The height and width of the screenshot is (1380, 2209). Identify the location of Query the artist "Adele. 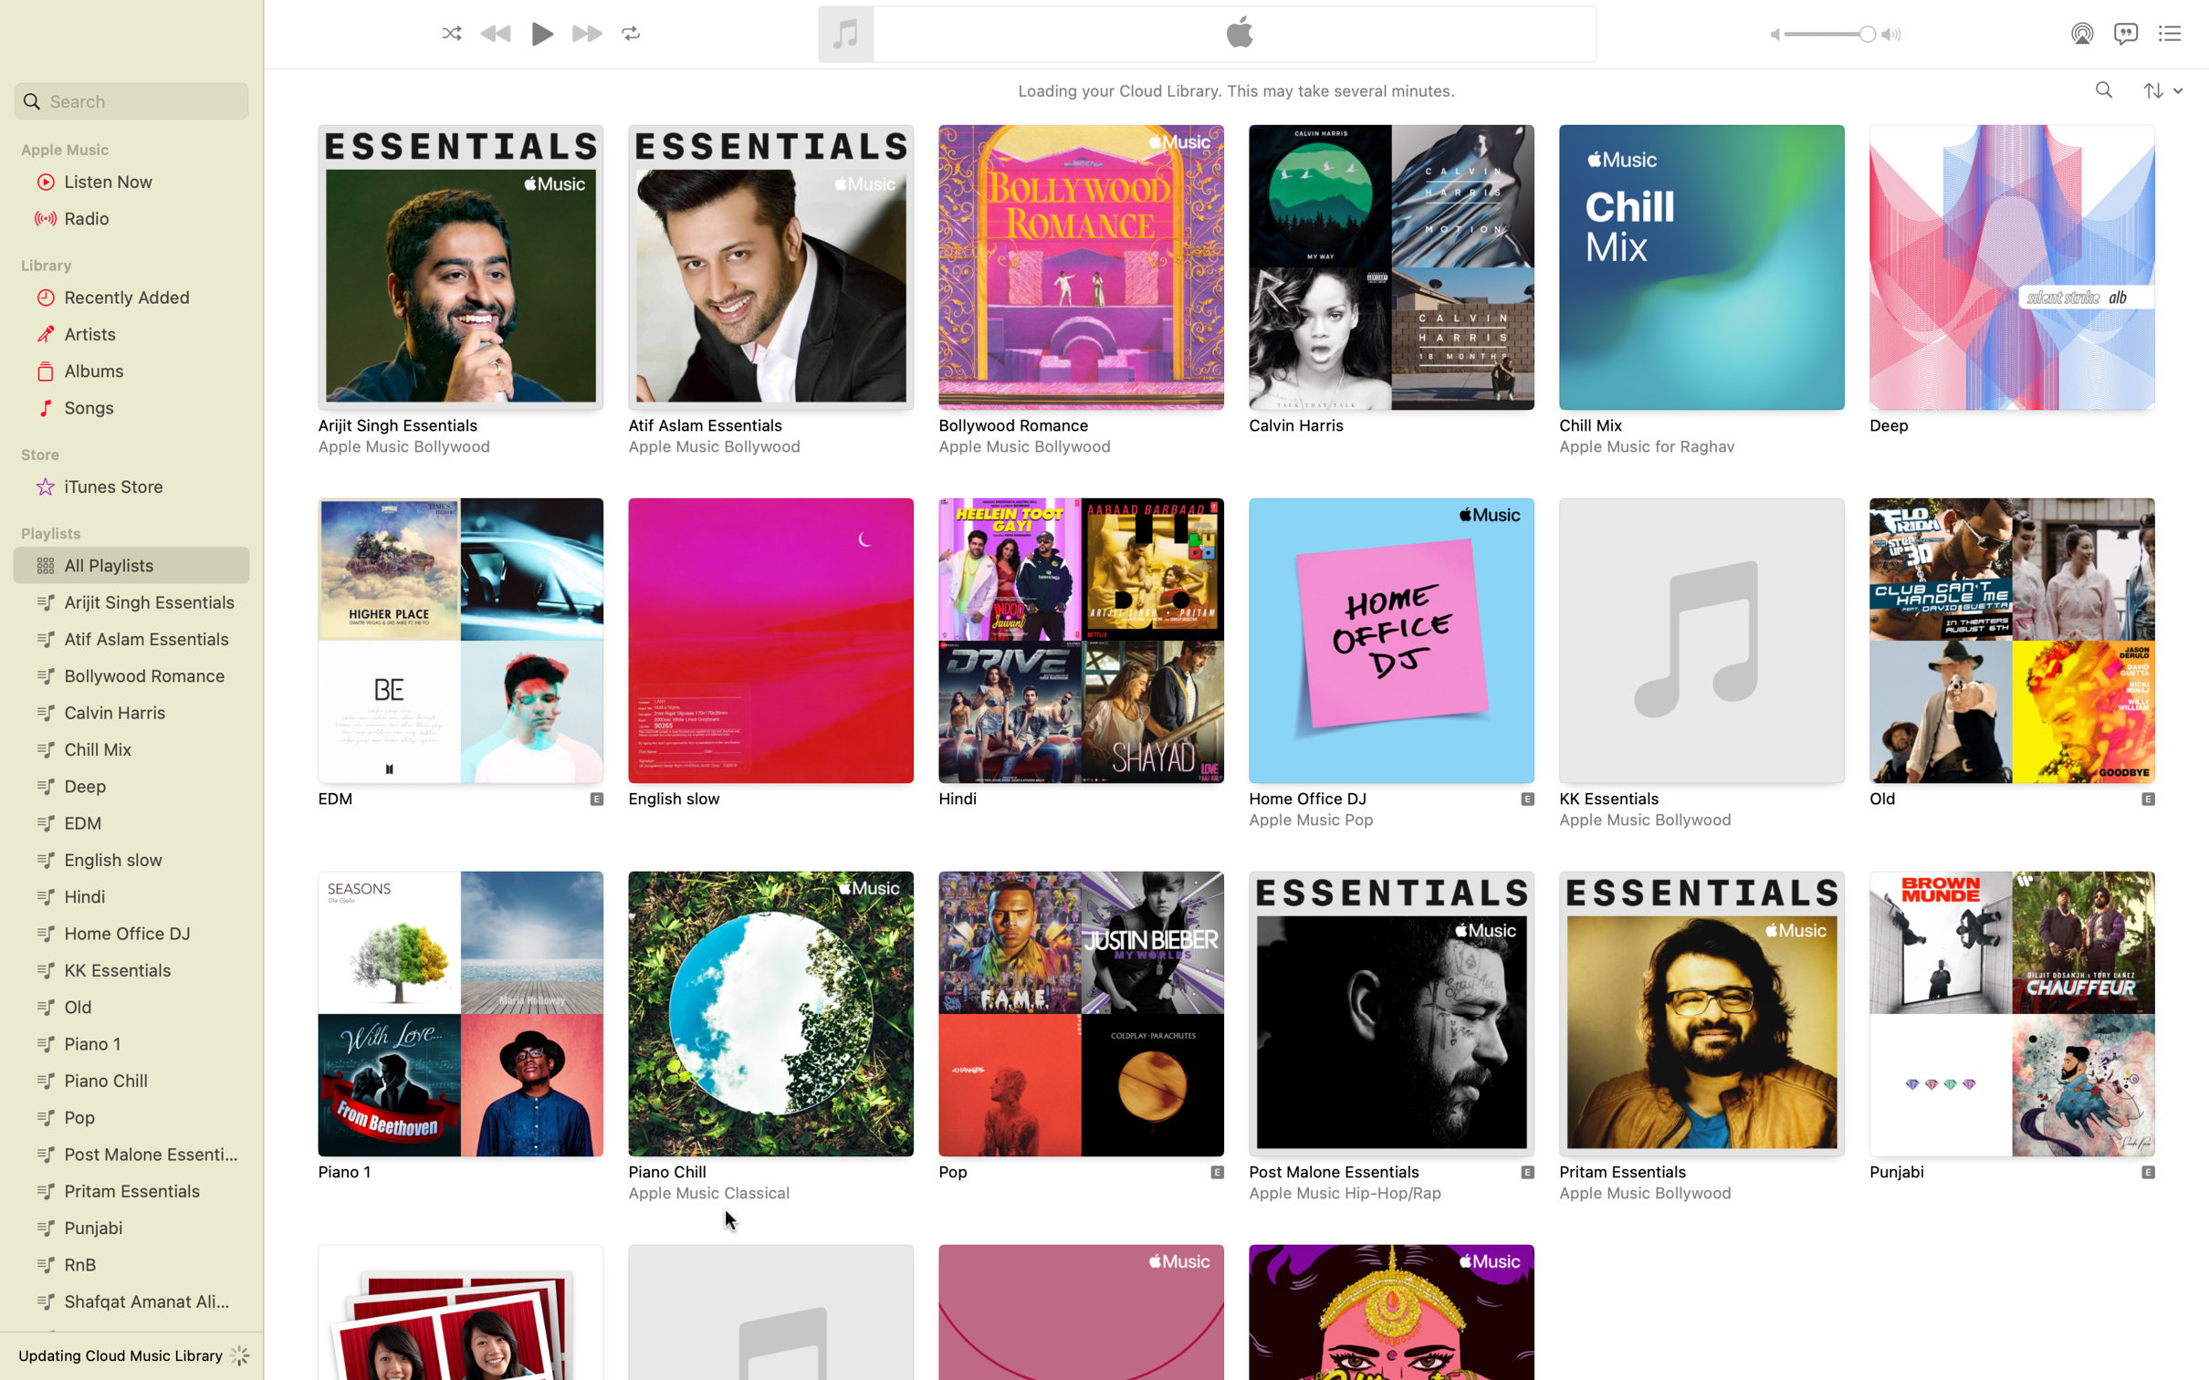
(2104, 90).